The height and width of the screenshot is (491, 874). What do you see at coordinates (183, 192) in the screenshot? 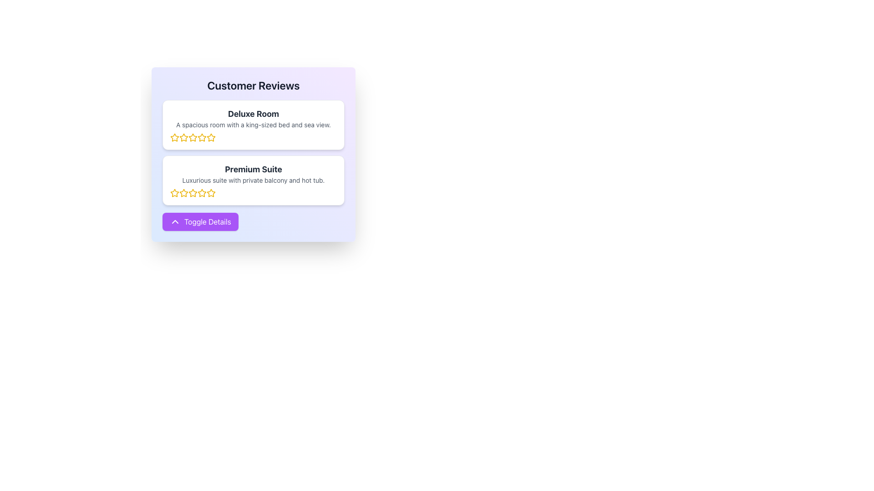
I see `the second star-shaped icon with a hollow interior and yellow outline, located under the 'Premium Suite' title and review description` at bounding box center [183, 192].